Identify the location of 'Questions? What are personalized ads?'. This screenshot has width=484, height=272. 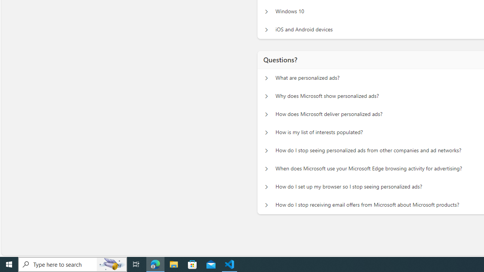
(266, 78).